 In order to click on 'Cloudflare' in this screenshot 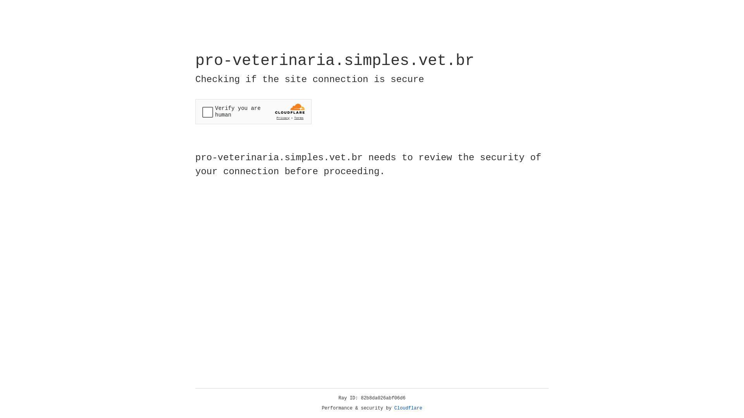, I will do `click(408, 408)`.